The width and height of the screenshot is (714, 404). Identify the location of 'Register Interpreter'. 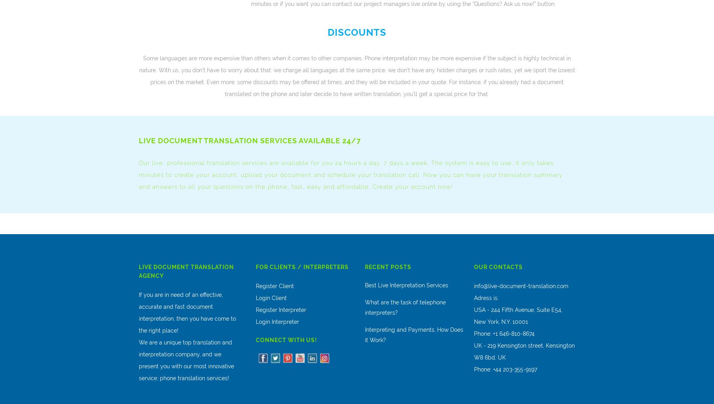
(280, 310).